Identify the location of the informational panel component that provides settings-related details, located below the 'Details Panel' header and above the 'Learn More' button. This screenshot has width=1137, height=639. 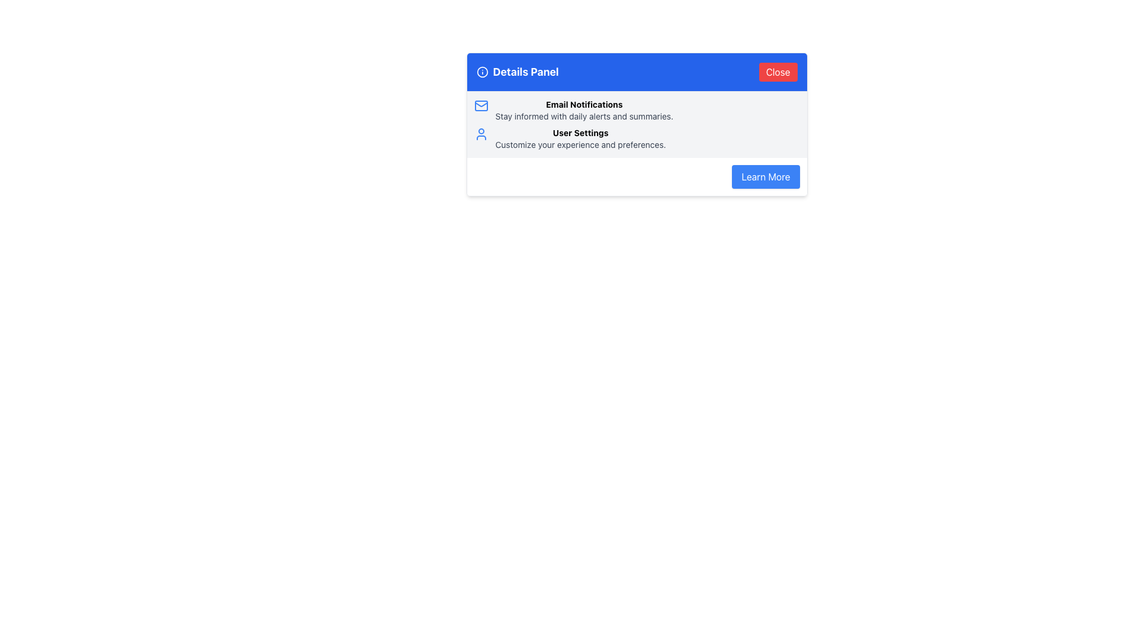
(636, 124).